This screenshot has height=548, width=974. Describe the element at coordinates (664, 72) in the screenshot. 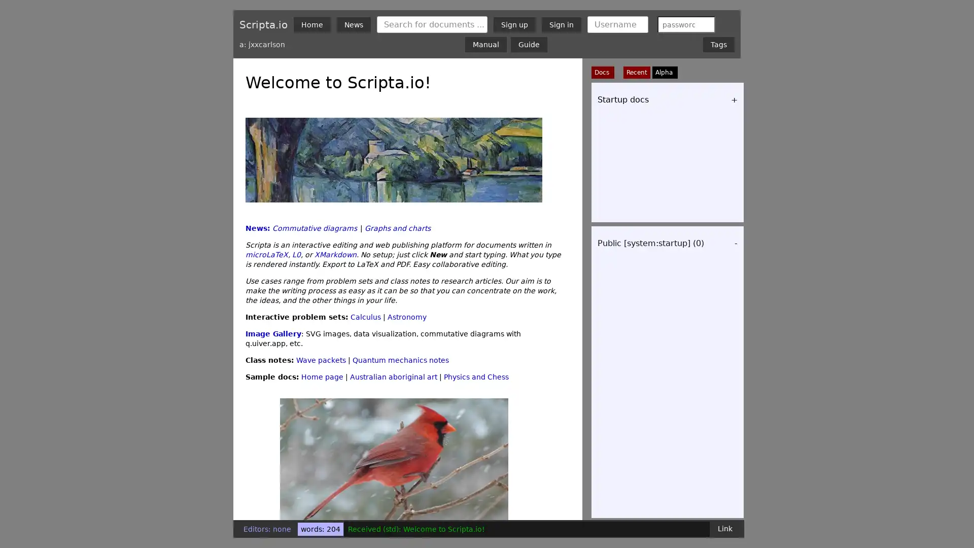

I see `Alpha` at that location.